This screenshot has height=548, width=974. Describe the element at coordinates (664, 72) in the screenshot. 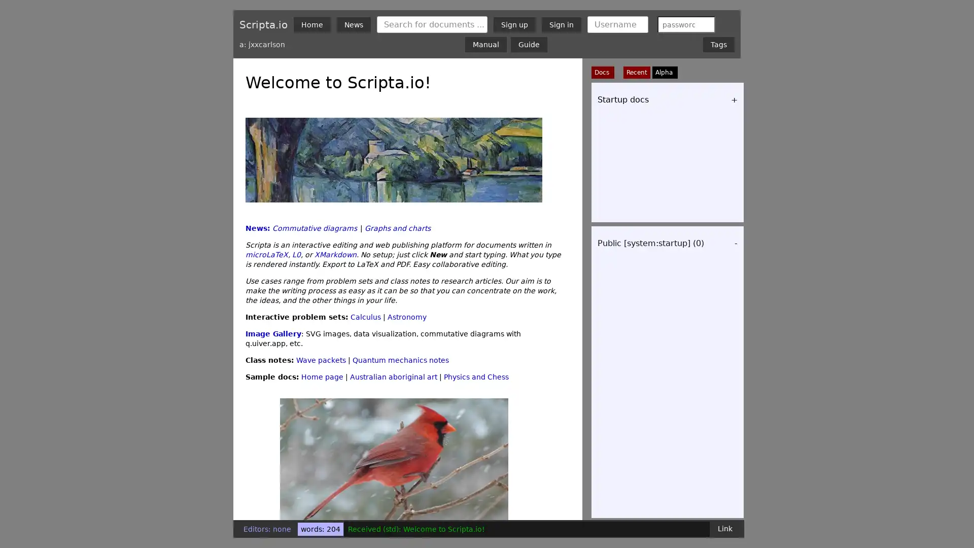

I see `Alpha` at that location.